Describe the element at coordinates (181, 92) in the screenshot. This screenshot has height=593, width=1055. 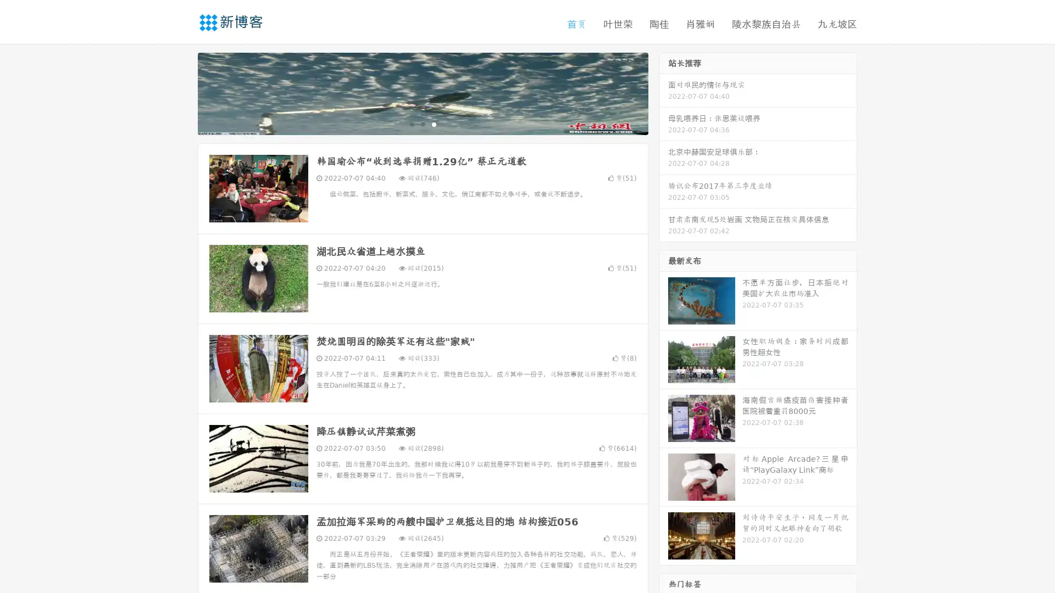
I see `Previous slide` at that location.